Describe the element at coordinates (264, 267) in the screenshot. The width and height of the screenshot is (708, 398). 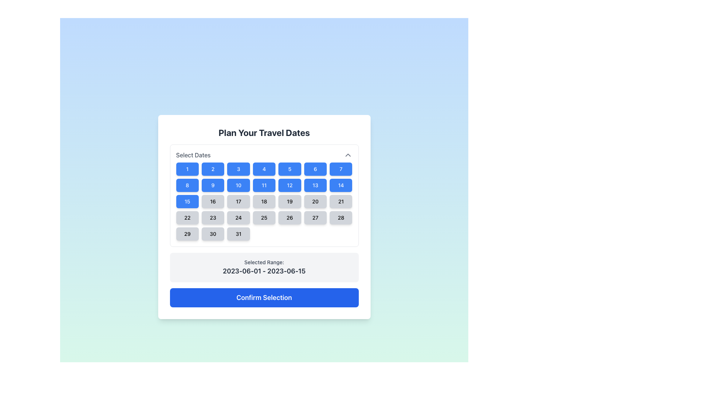
I see `the informational display box that shows the currently selected date range, located centrally below the date grid and above the 'Confirm Selection' button` at that location.